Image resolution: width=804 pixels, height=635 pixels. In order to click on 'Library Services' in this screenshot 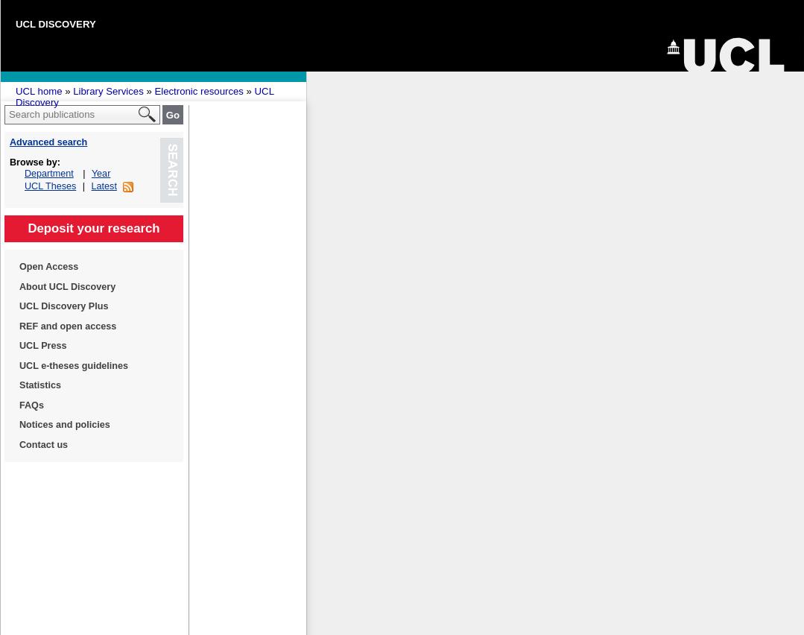, I will do `click(107, 91)`.